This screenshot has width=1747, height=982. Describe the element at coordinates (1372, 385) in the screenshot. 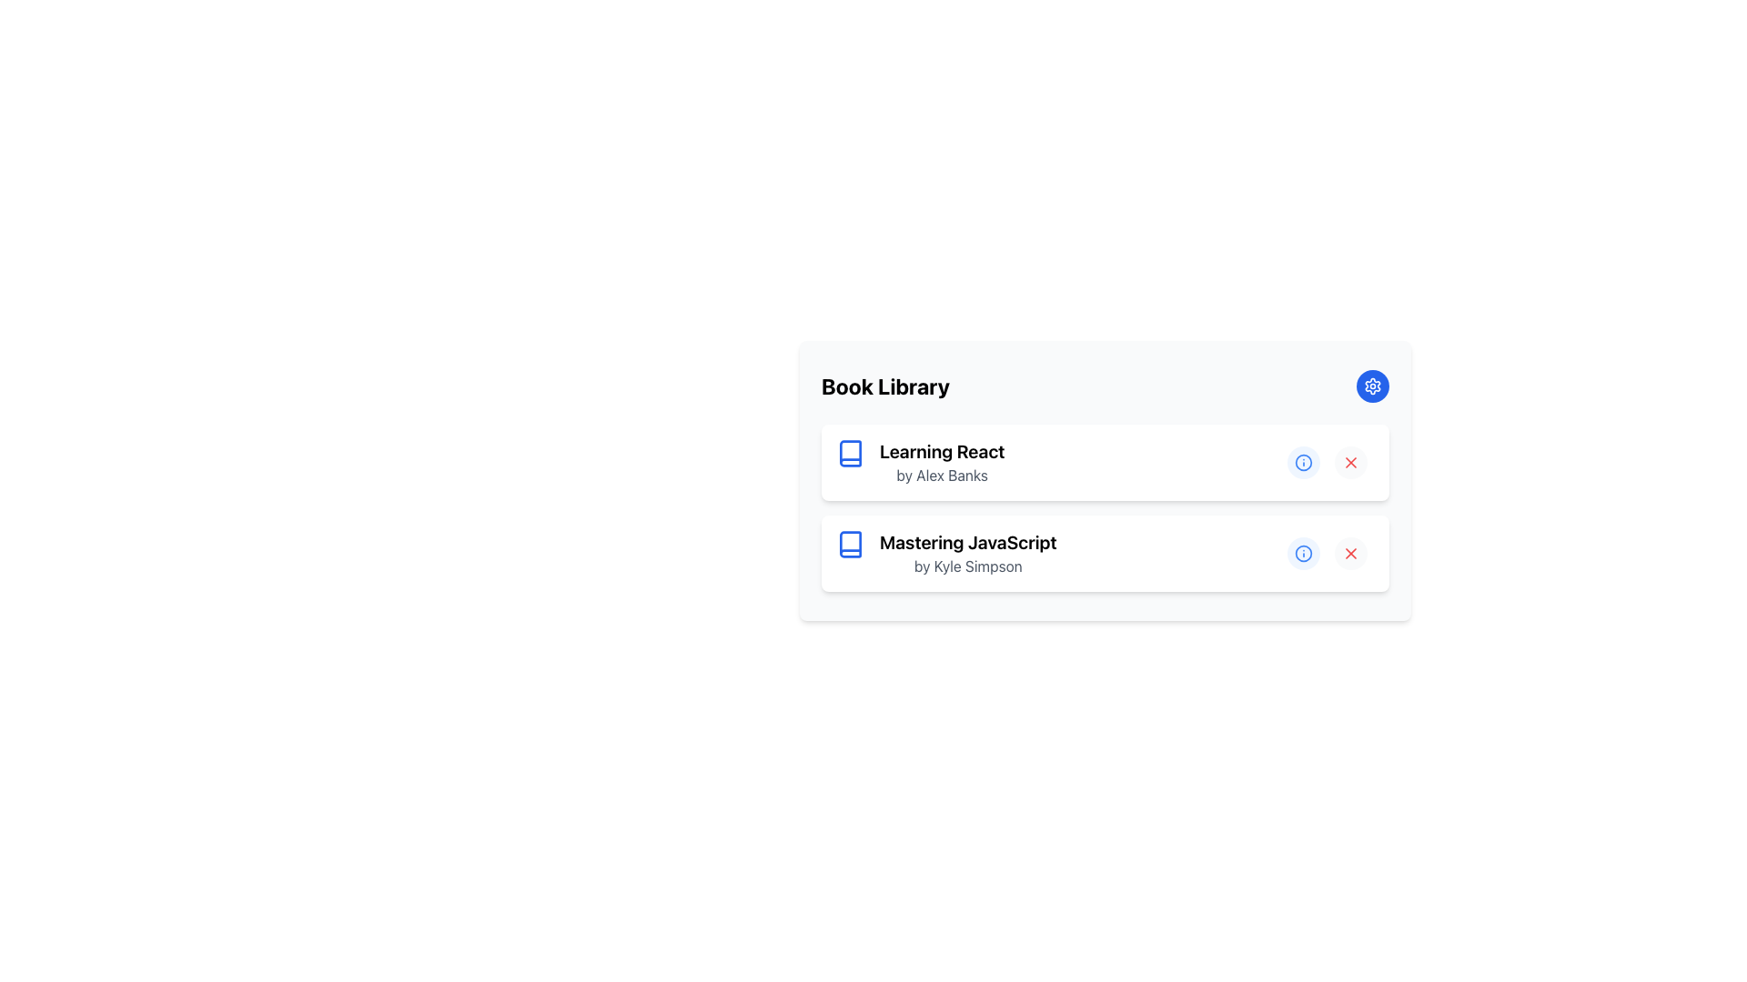

I see `the gear-like icon embedded in the button at the top-right corner of the 'Book Library' section` at that location.